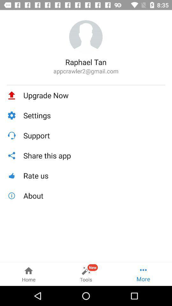  I want to click on appcrawler2@gmail.com icon, so click(86, 71).